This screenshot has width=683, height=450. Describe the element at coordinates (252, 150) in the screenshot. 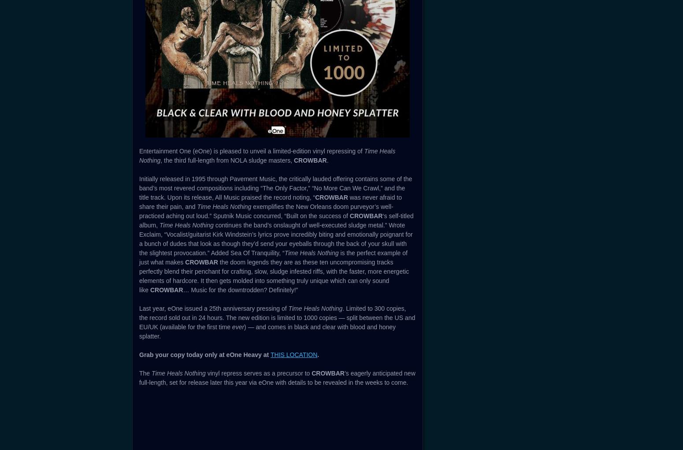

I see `'Entertainment One (eOne) is pleased to unveil a limited-edition vinyl repressing of'` at that location.